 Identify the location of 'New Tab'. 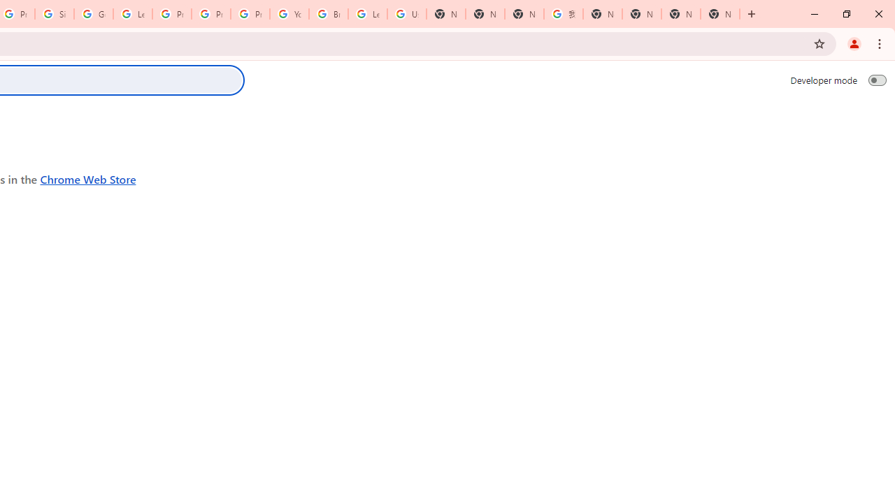
(720, 14).